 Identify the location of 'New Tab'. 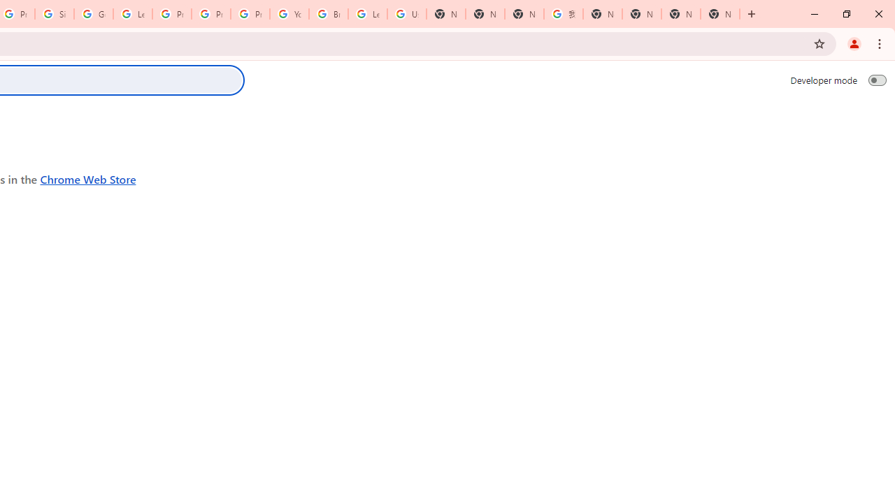
(720, 14).